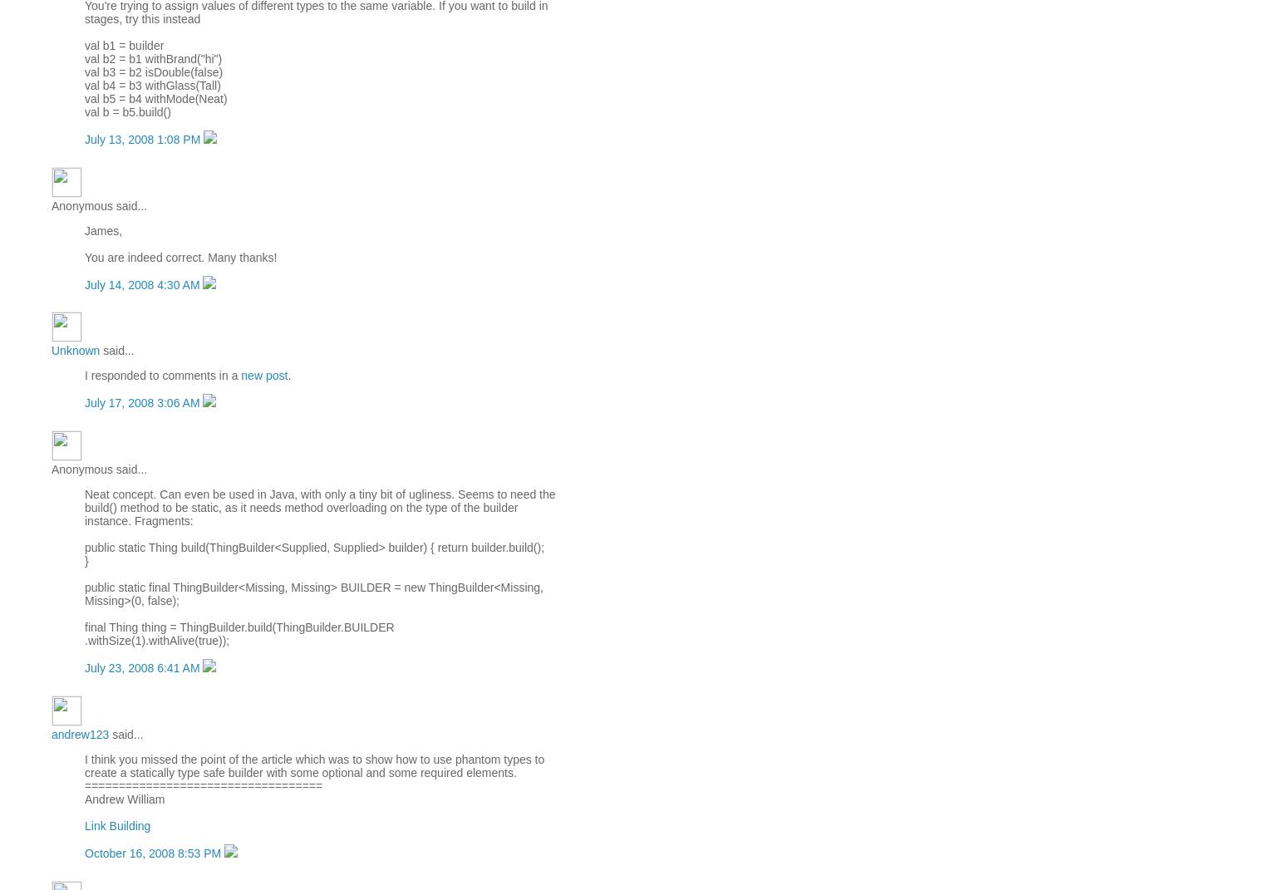 Image resolution: width=1284 pixels, height=890 pixels. What do you see at coordinates (83, 98) in the screenshot?
I see `'val b5 = b4 withMode(Neat)'` at bounding box center [83, 98].